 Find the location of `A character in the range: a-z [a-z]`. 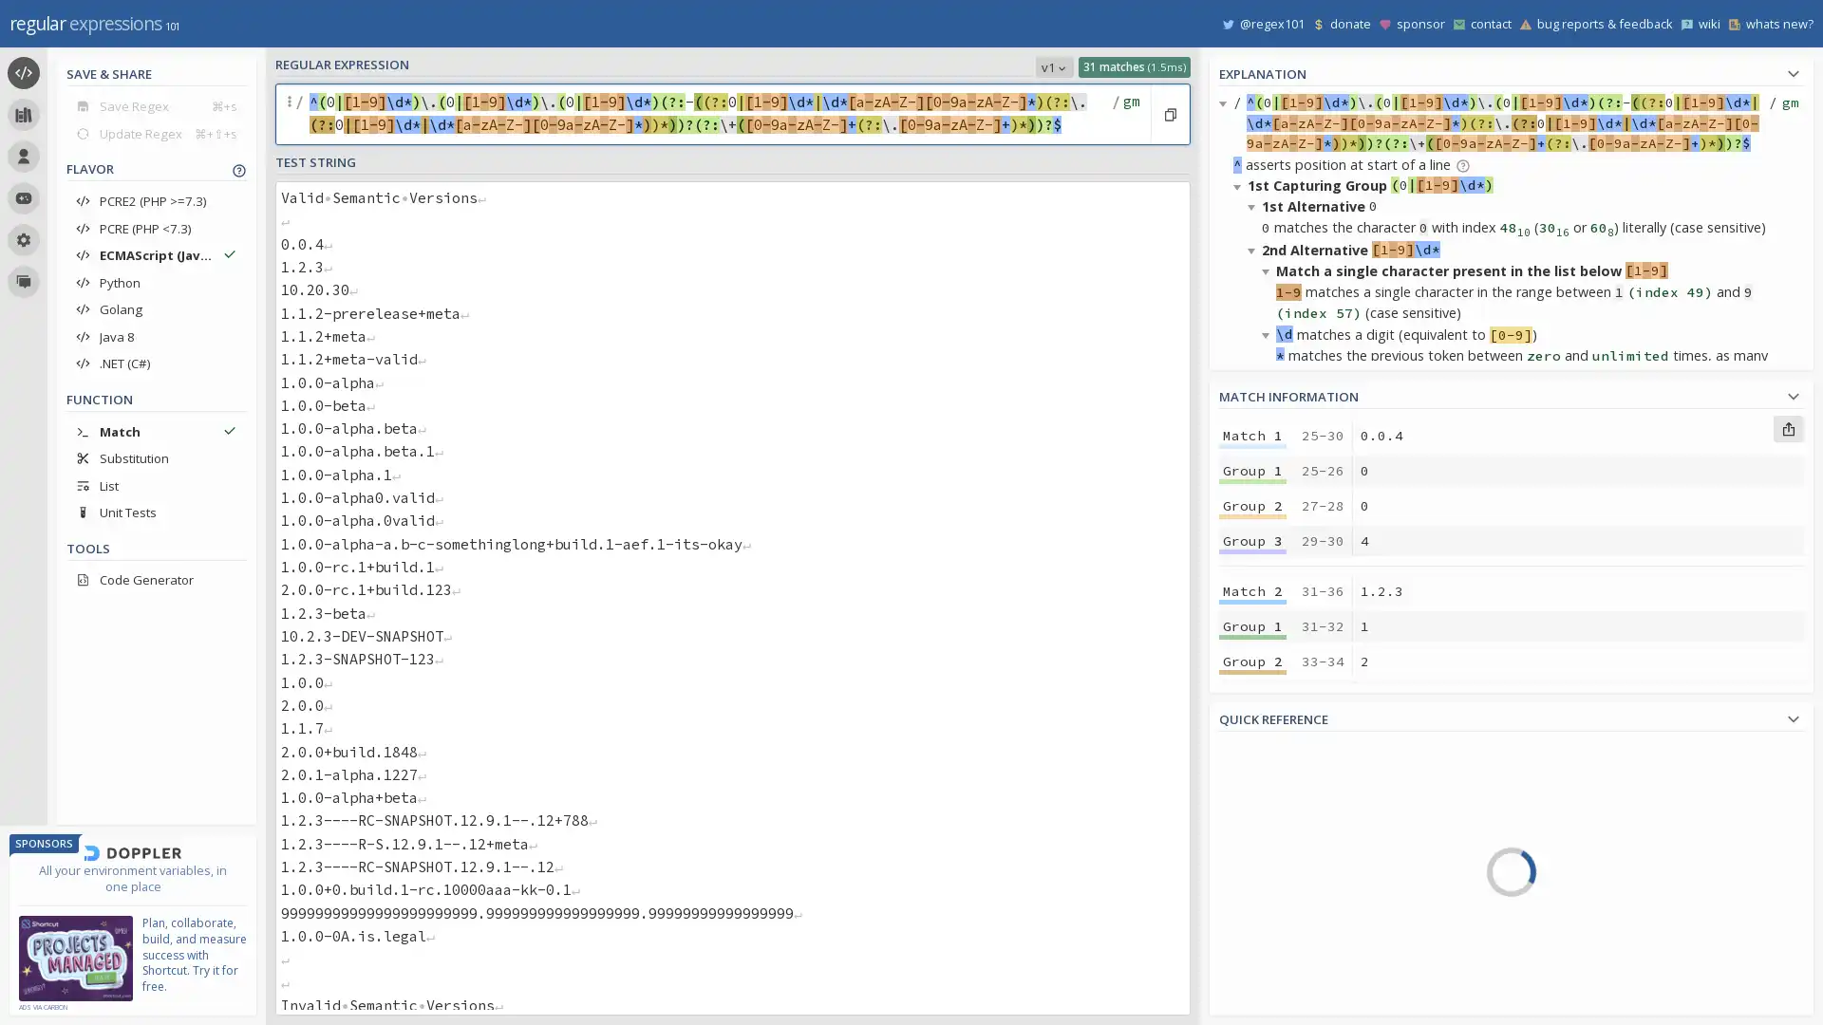

A character in the range: a-z [a-z] is located at coordinates (1606, 805).